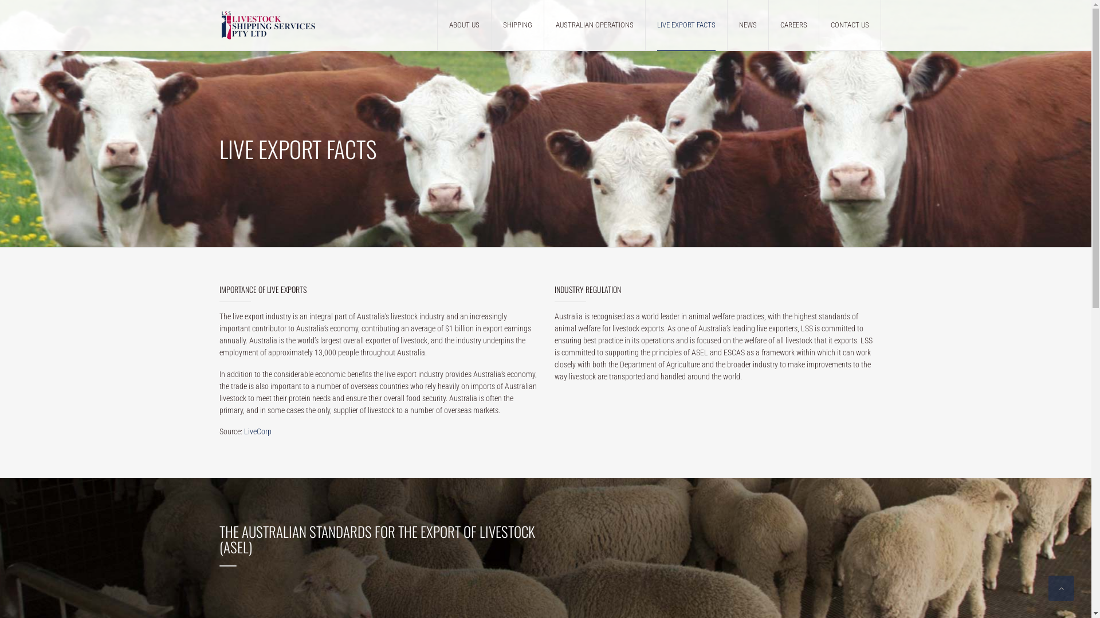  Describe the element at coordinates (594, 25) in the screenshot. I see `'AUSTRALIAN OPERATIONS'` at that location.